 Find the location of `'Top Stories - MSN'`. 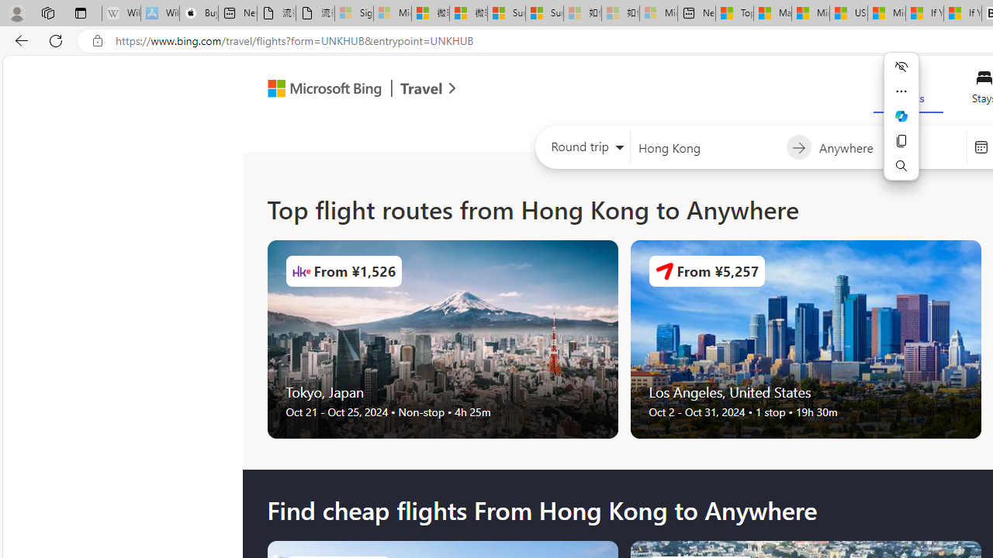

'Top Stories - MSN' is located at coordinates (734, 13).